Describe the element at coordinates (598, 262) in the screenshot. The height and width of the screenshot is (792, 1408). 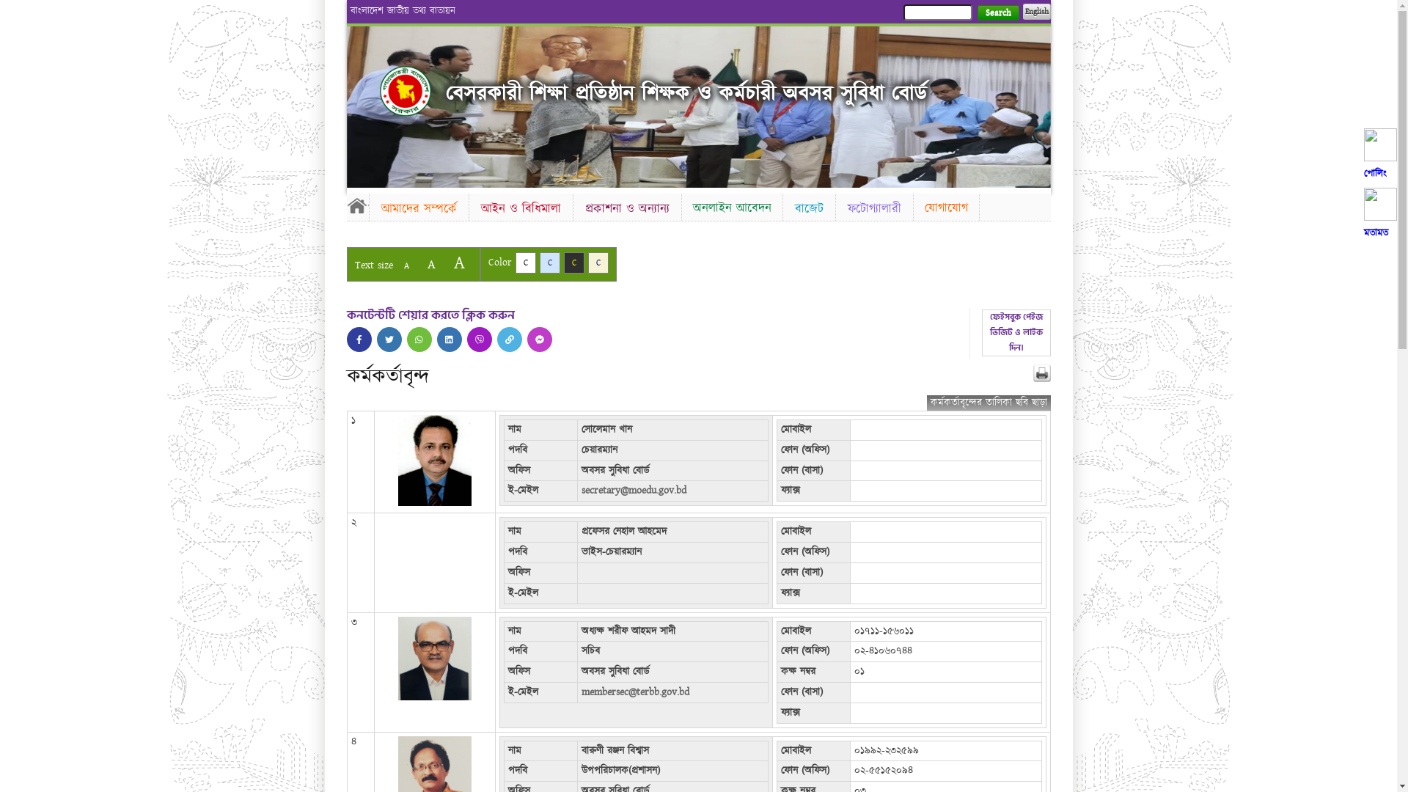
I see `'C'` at that location.